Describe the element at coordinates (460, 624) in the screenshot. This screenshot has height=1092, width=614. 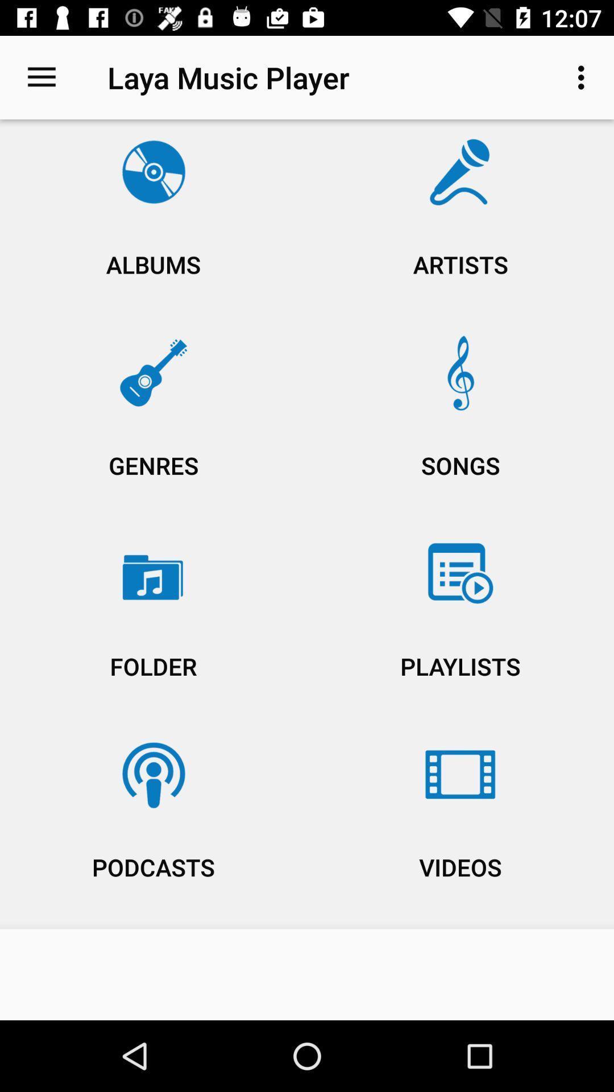
I see `playlists` at that location.